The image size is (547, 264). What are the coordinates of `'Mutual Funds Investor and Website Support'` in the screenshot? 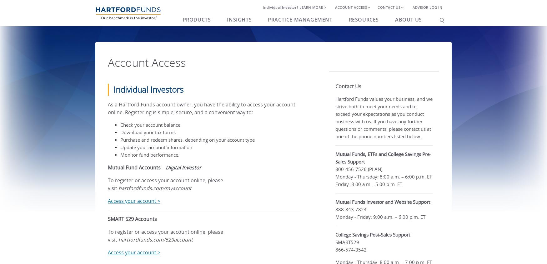 It's located at (335, 202).